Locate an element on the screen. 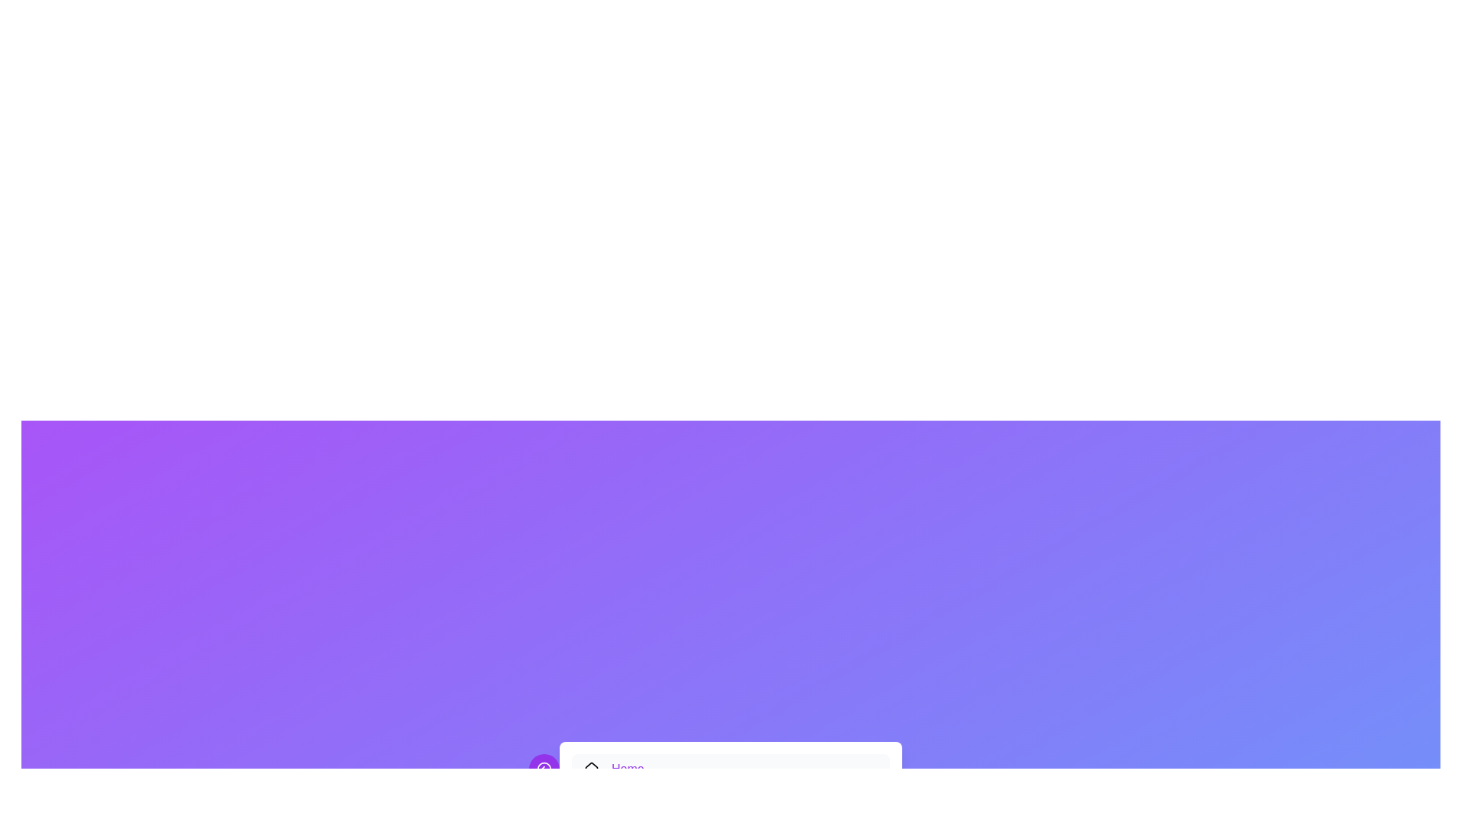 This screenshot has width=1468, height=826. the menu item labeled Home by clicking on it is located at coordinates (729, 769).